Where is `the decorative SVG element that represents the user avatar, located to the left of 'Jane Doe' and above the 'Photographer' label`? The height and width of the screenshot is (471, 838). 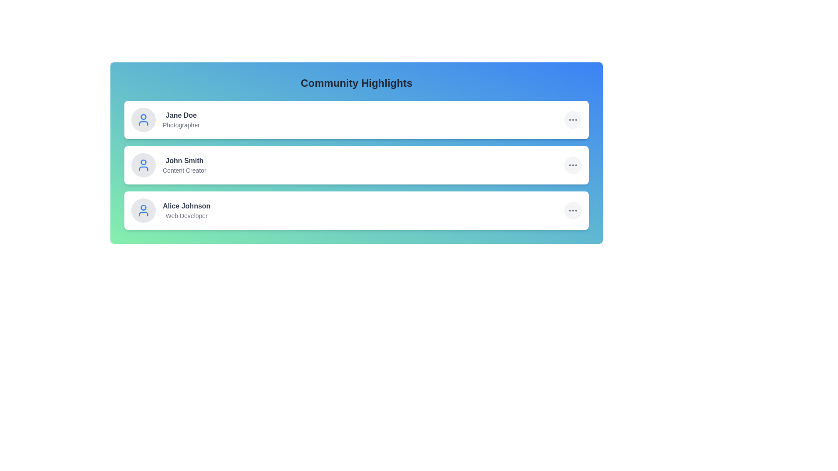
the decorative SVG element that represents the user avatar, located to the left of 'Jane Doe' and above the 'Photographer' label is located at coordinates (144, 123).